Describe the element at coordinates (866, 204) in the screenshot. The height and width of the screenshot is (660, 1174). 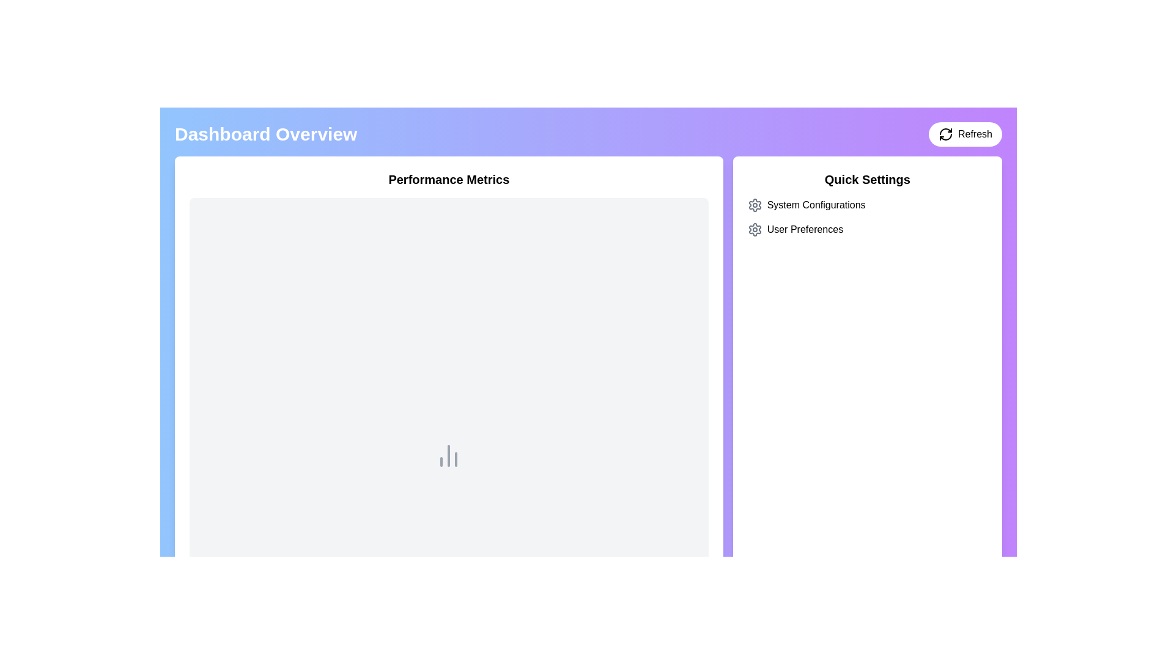
I see `the first List item in the 'Quick Settings' side panel that serves as a button for accessing system configuration settings` at that location.